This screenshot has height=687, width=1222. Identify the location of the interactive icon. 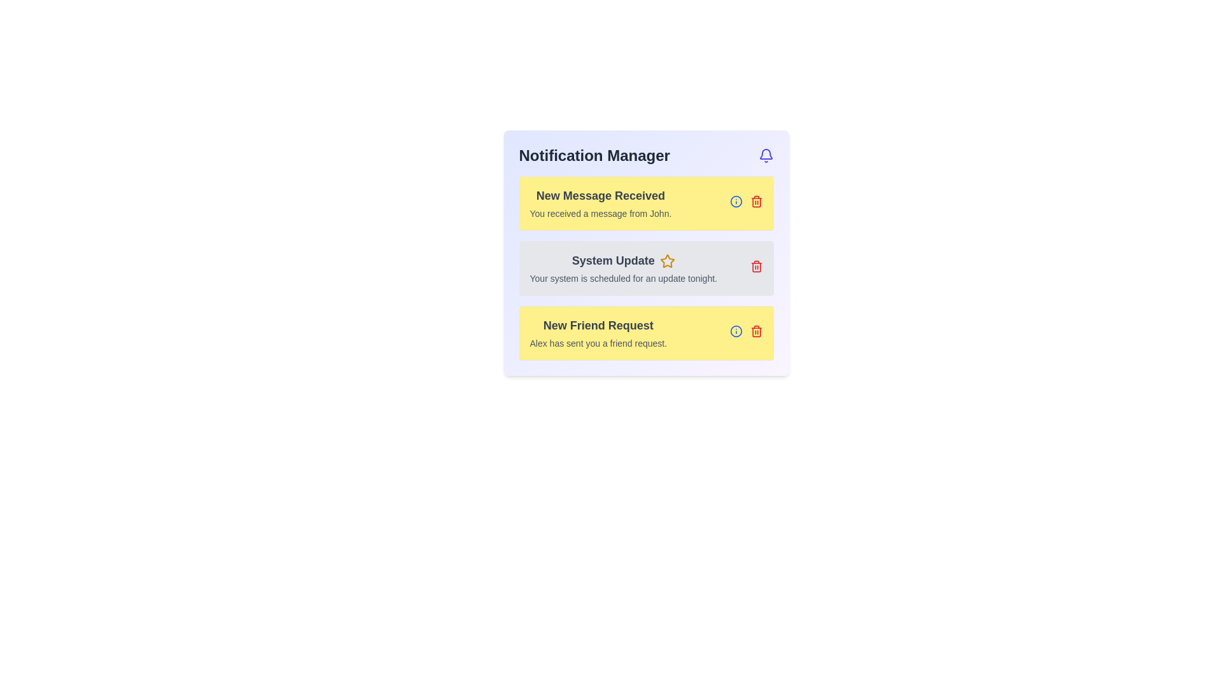
(666, 260).